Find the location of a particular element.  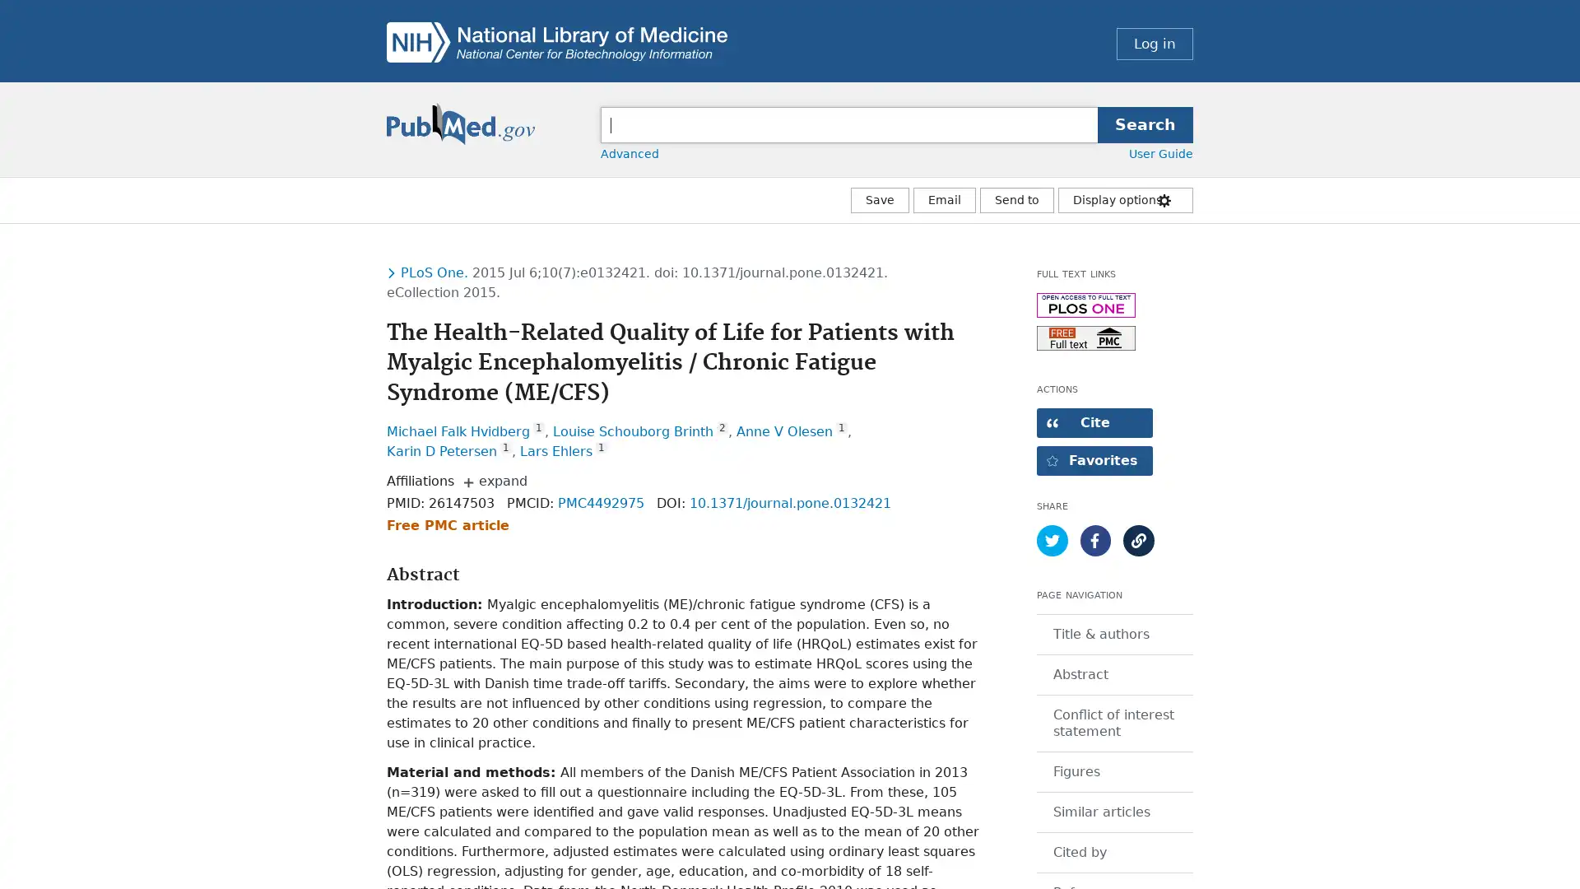

Search is located at coordinates (1145, 123).